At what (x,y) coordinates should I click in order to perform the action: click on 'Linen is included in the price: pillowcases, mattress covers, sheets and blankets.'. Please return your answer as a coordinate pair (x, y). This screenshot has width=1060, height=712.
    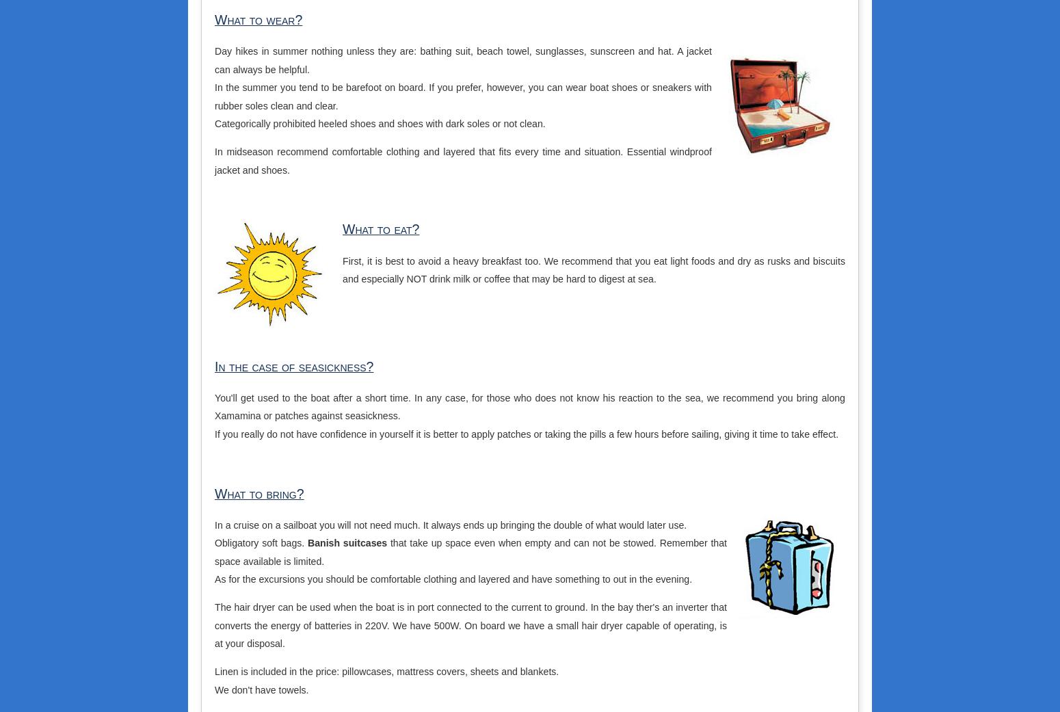
    Looking at the image, I should click on (386, 671).